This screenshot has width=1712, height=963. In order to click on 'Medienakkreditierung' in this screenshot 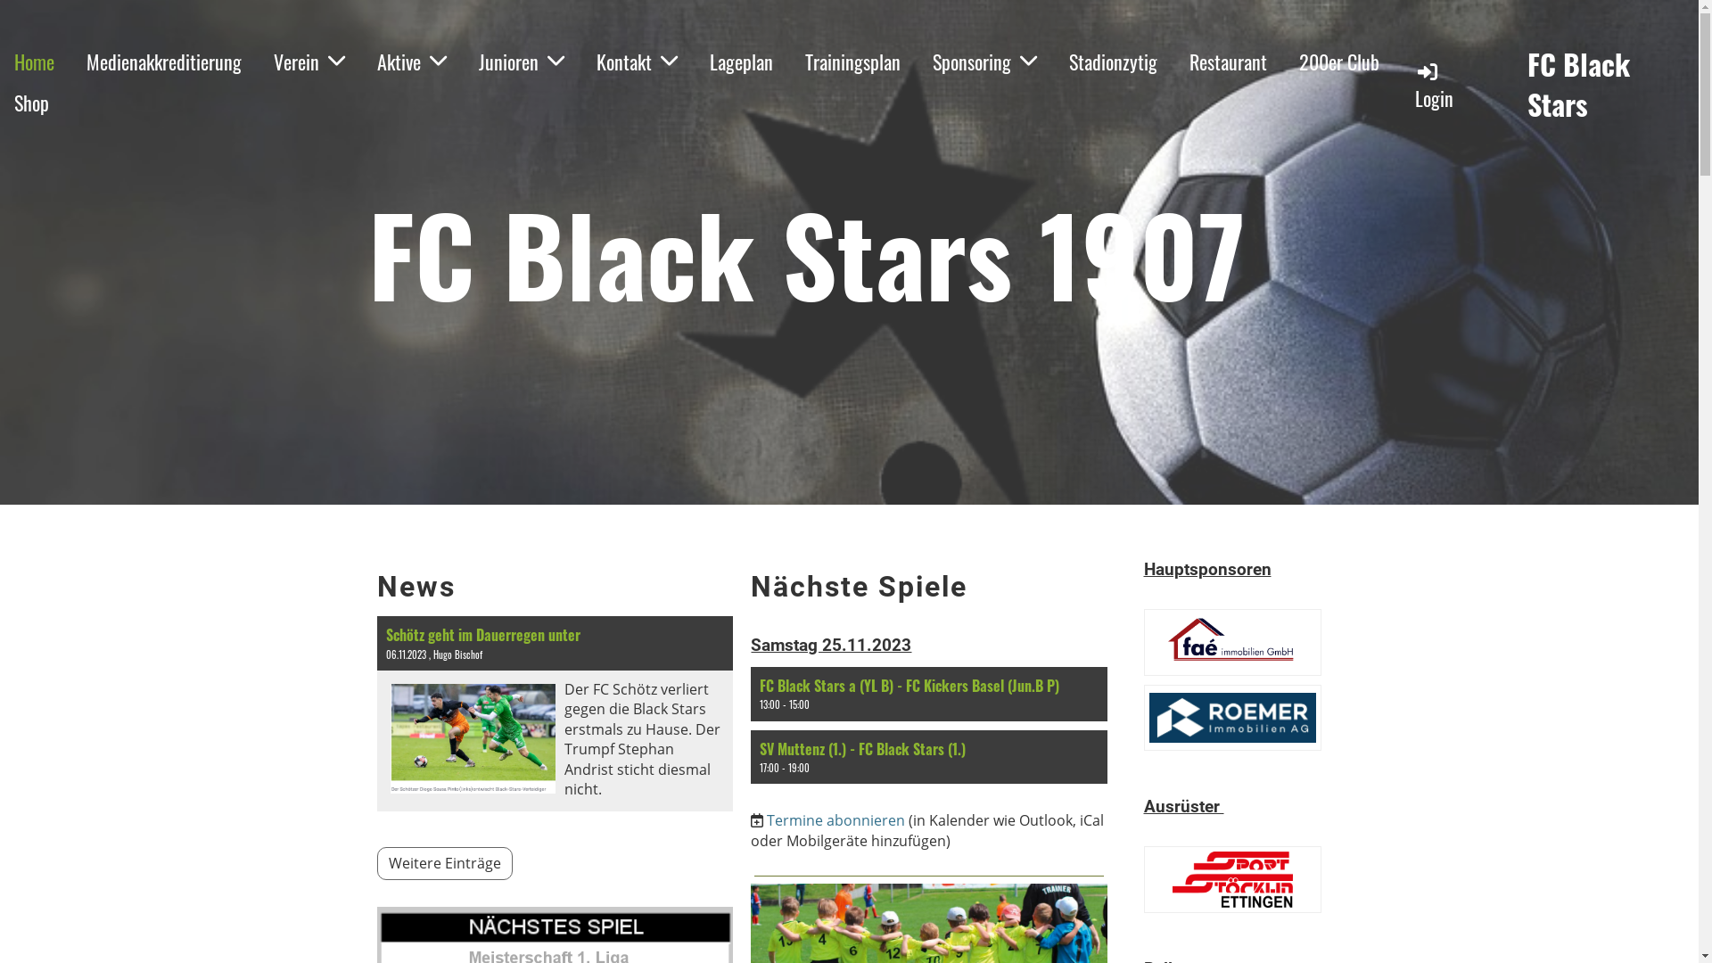, I will do `click(163, 61)`.